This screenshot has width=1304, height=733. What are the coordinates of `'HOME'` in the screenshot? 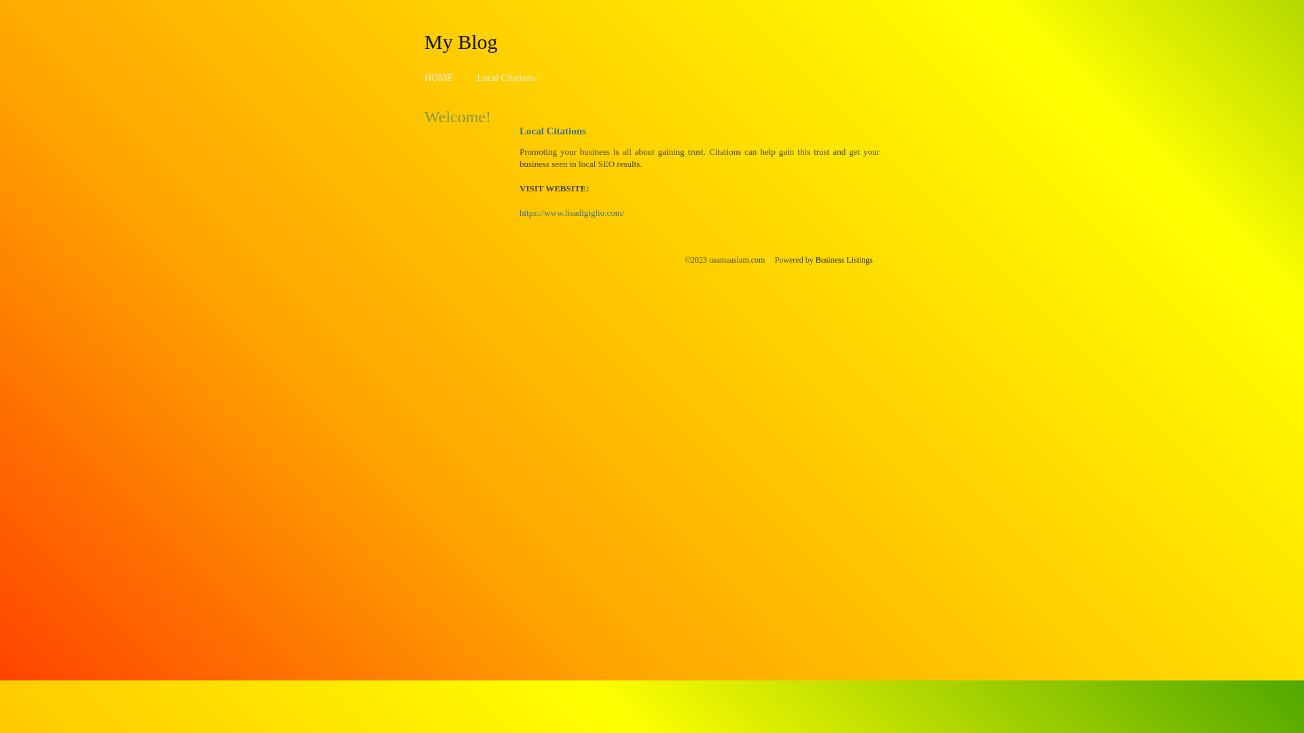 It's located at (438, 77).